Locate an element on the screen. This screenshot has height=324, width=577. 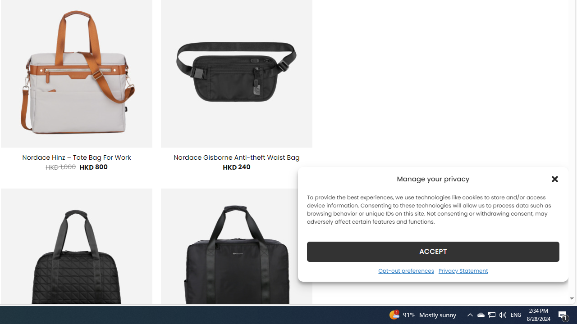
'Privacy Statement' is located at coordinates (463, 270).